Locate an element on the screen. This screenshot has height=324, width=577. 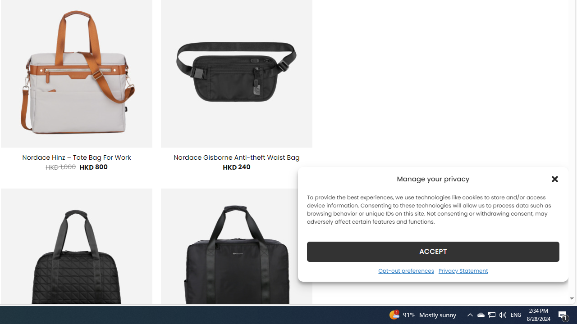
'Privacy Statement' is located at coordinates (463, 270).